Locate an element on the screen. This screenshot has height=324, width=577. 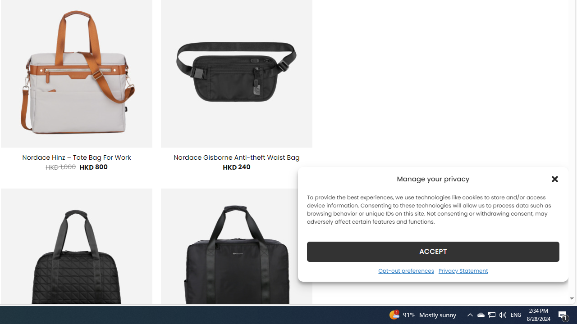
'Privacy Statement' is located at coordinates (463, 270).